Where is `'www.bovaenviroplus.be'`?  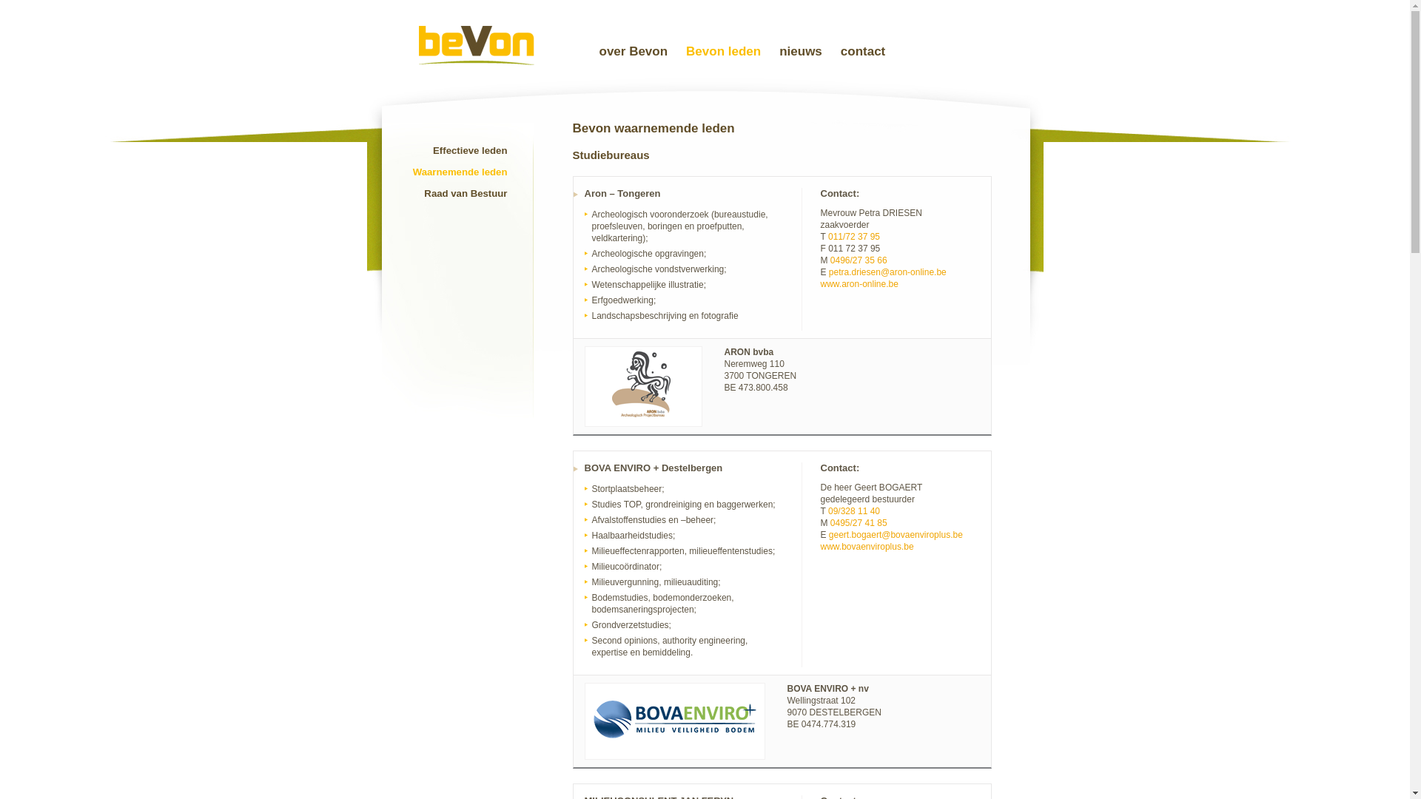 'www.bovaenviroplus.be' is located at coordinates (819, 547).